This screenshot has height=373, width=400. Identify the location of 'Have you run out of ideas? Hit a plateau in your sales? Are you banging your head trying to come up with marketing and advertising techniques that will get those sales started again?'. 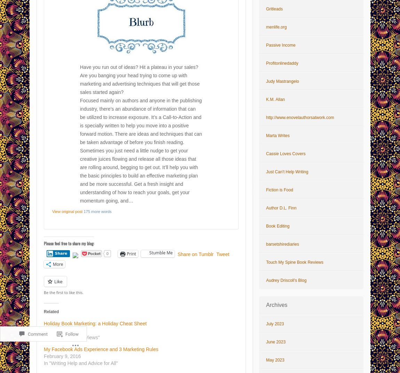
(139, 79).